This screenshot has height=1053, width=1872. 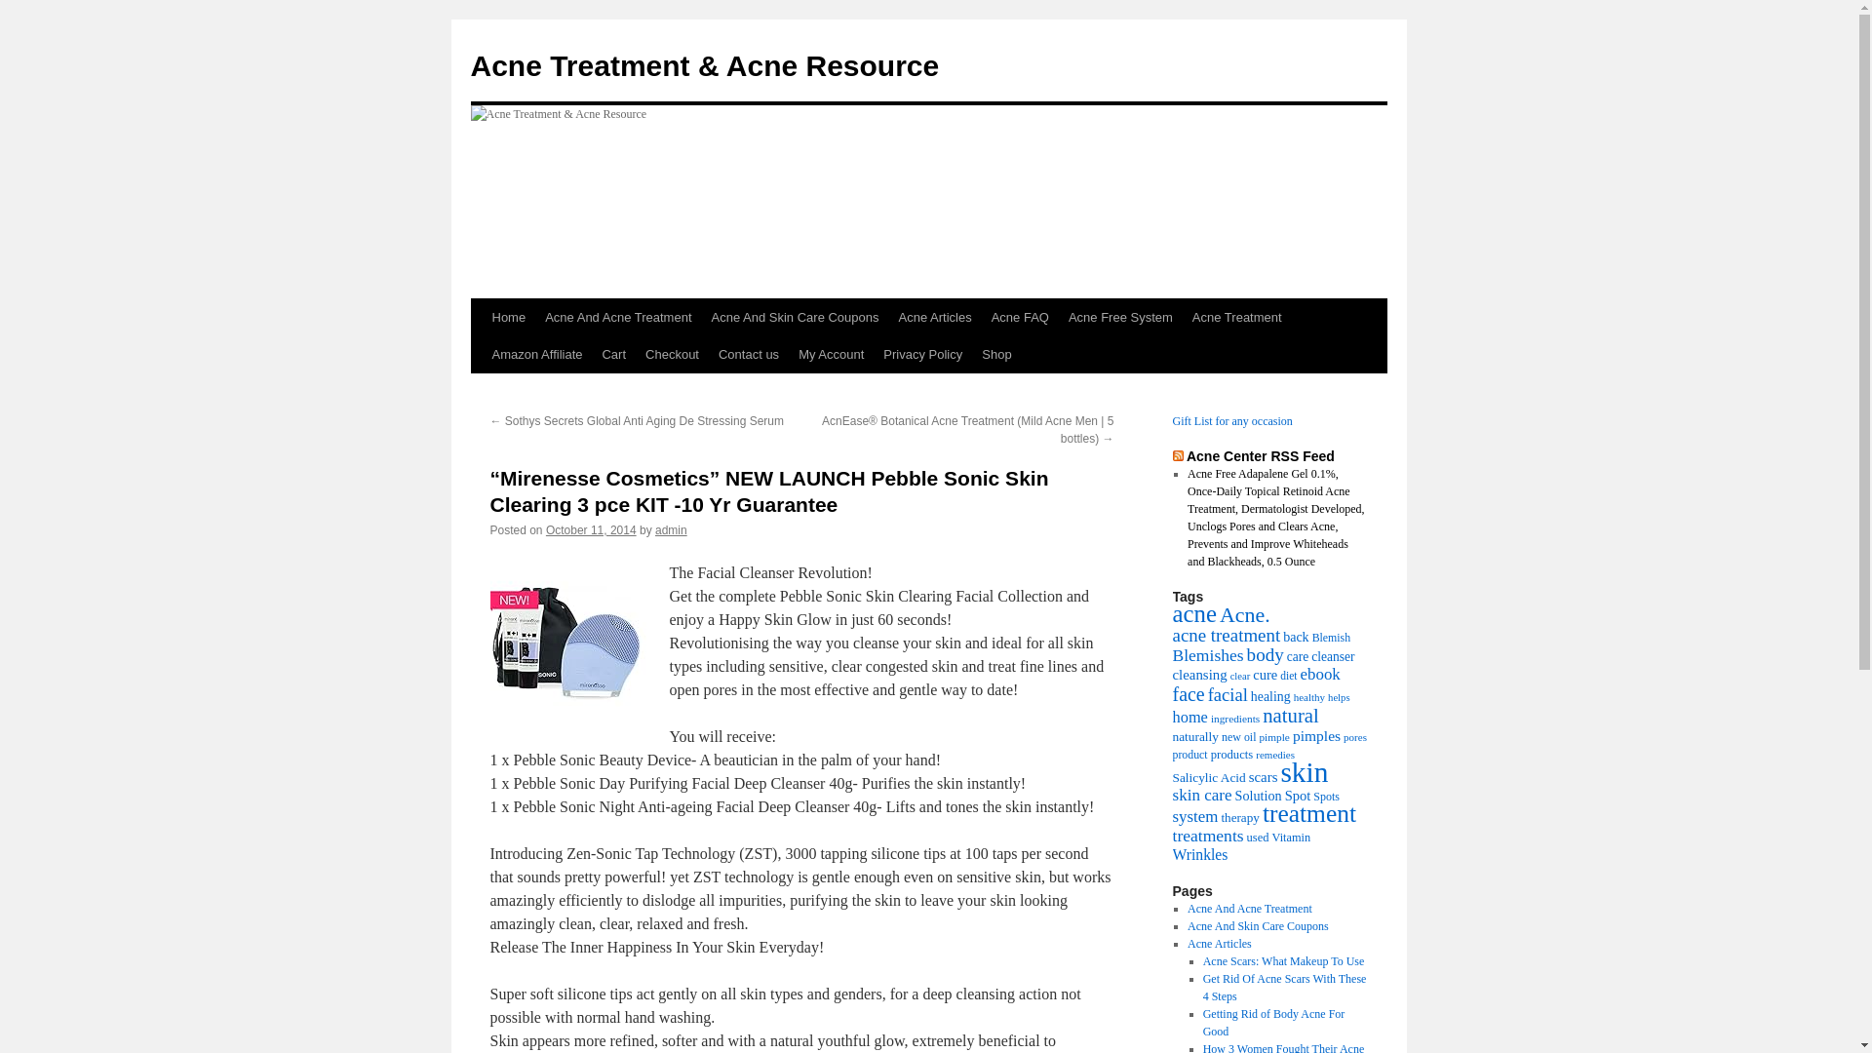 What do you see at coordinates (1198, 853) in the screenshot?
I see `'Wrinkles'` at bounding box center [1198, 853].